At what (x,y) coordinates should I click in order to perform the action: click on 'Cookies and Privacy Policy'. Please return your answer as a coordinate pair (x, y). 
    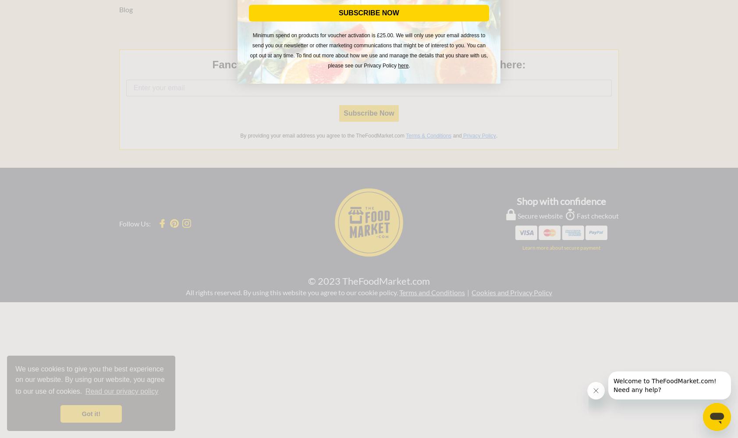
    Looking at the image, I should click on (512, 292).